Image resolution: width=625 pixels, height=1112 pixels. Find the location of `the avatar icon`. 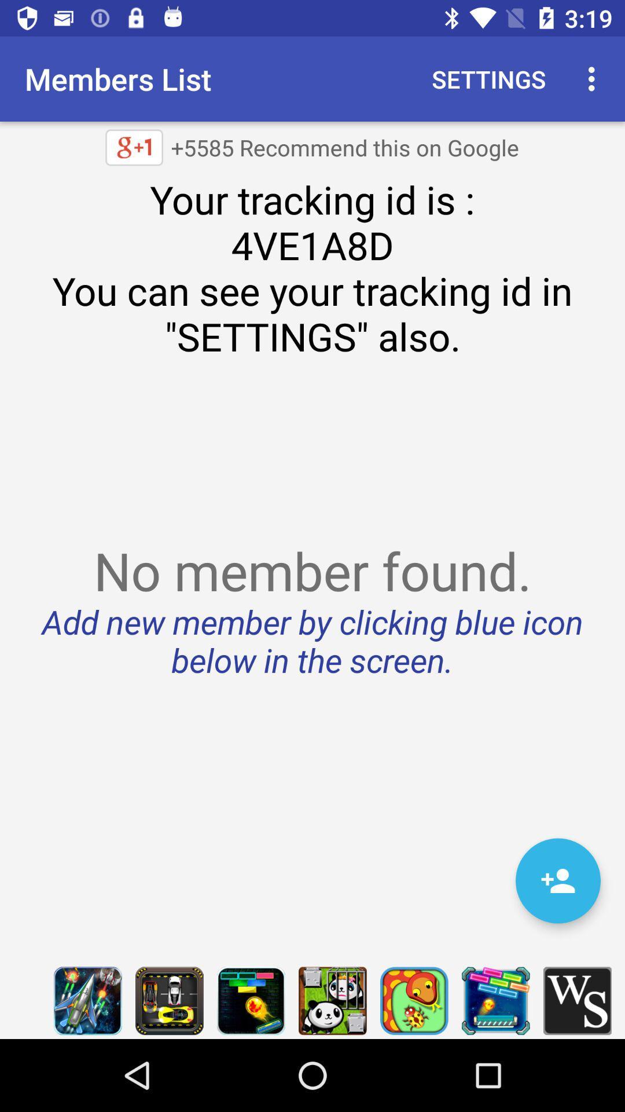

the avatar icon is located at coordinates (413, 1000).